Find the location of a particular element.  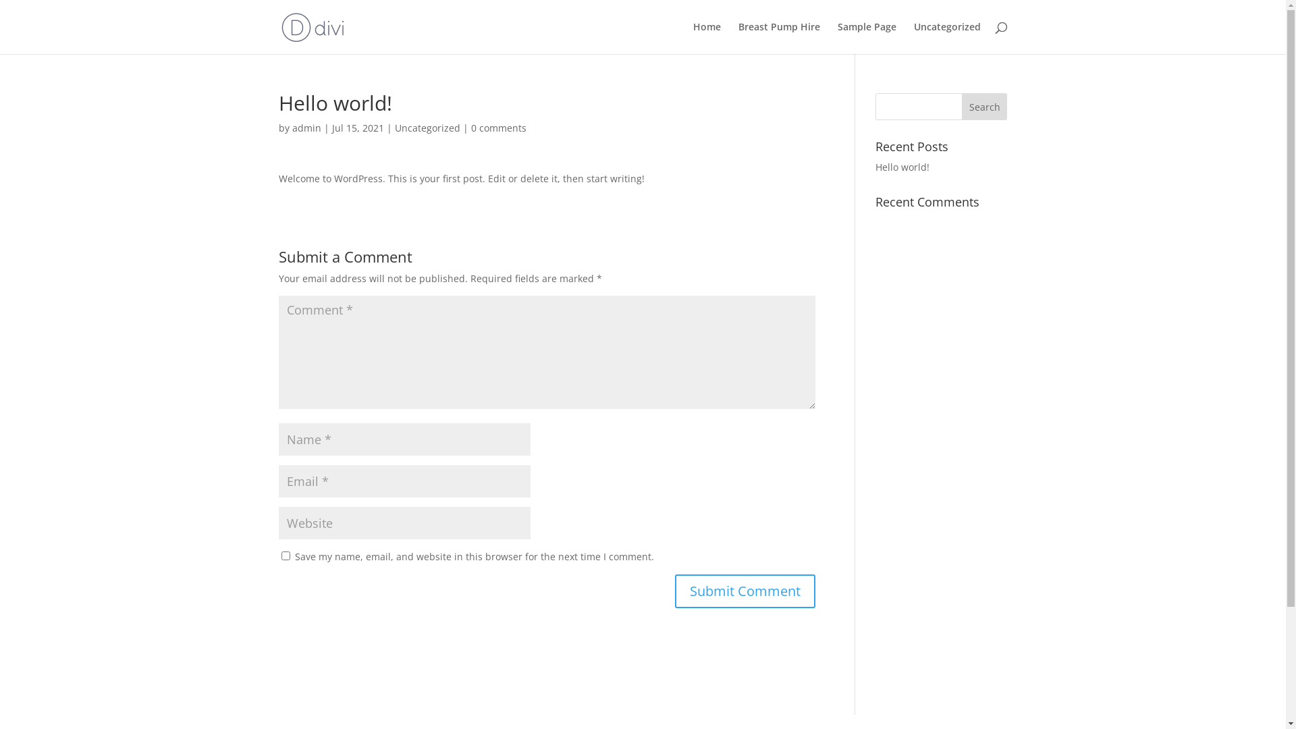

'Hello world!' is located at coordinates (902, 166).